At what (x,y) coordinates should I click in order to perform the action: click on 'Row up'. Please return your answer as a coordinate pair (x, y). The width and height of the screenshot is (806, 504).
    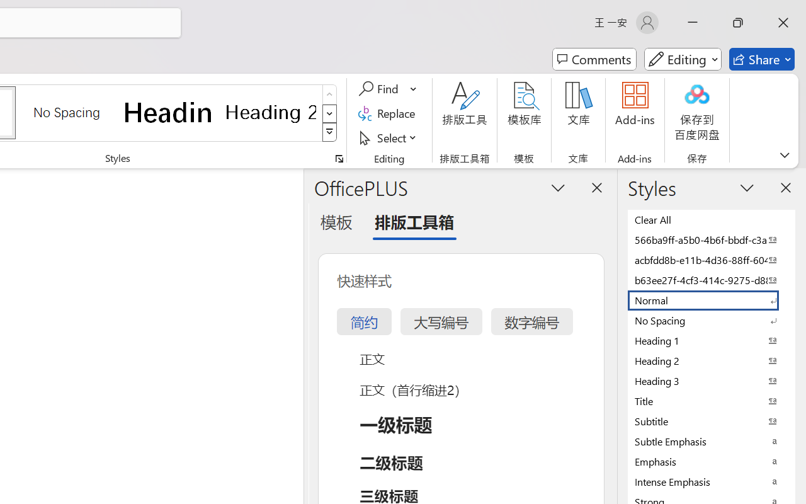
    Looking at the image, I should click on (329, 94).